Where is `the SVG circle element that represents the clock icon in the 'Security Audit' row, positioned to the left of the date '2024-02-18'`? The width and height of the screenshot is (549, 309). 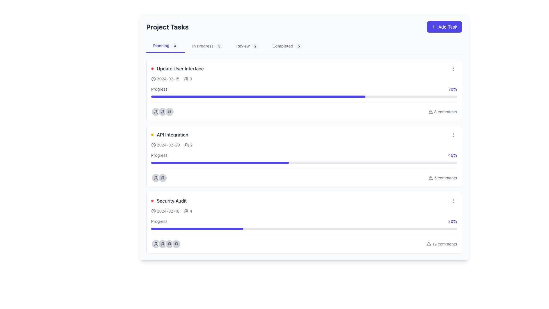 the SVG circle element that represents the clock icon in the 'Security Audit' row, positioned to the left of the date '2024-02-18' is located at coordinates (153, 211).